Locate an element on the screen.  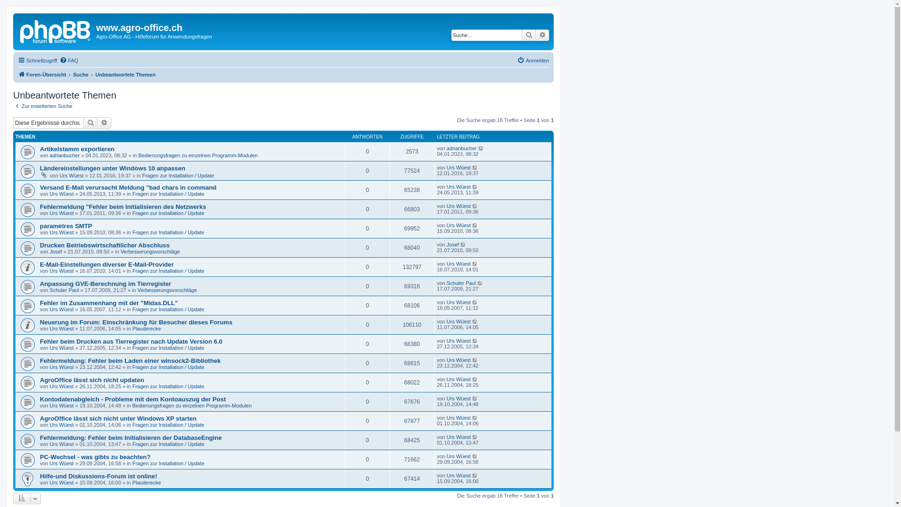
'Suche' is located at coordinates (81, 74).